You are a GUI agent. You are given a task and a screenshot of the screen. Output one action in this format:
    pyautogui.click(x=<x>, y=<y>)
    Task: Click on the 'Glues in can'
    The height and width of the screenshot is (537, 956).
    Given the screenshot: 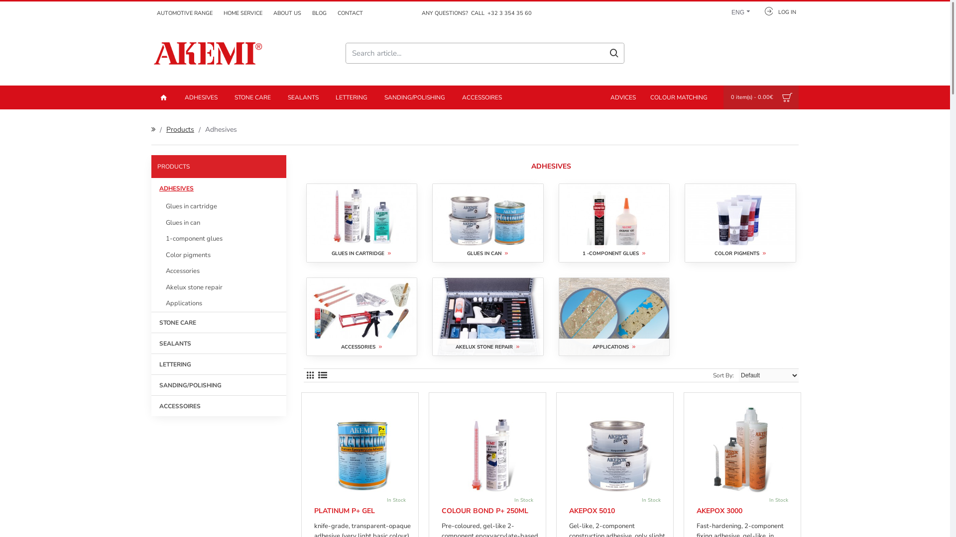 What is the action you would take?
    pyautogui.click(x=150, y=222)
    